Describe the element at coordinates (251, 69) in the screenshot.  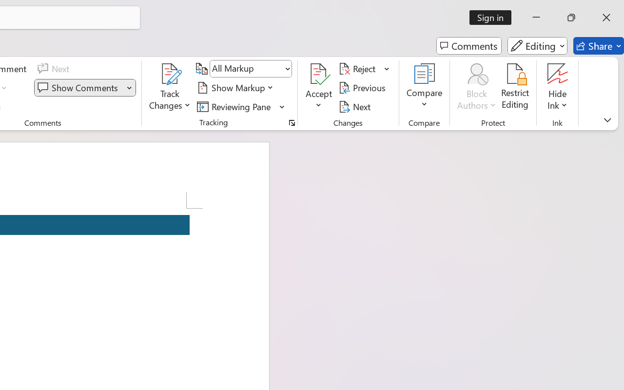
I see `'Display for Review'` at that location.